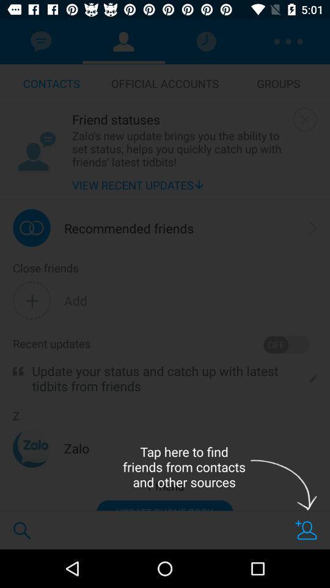 Image resolution: width=330 pixels, height=588 pixels. Describe the element at coordinates (128, 227) in the screenshot. I see `recommended friends item` at that location.